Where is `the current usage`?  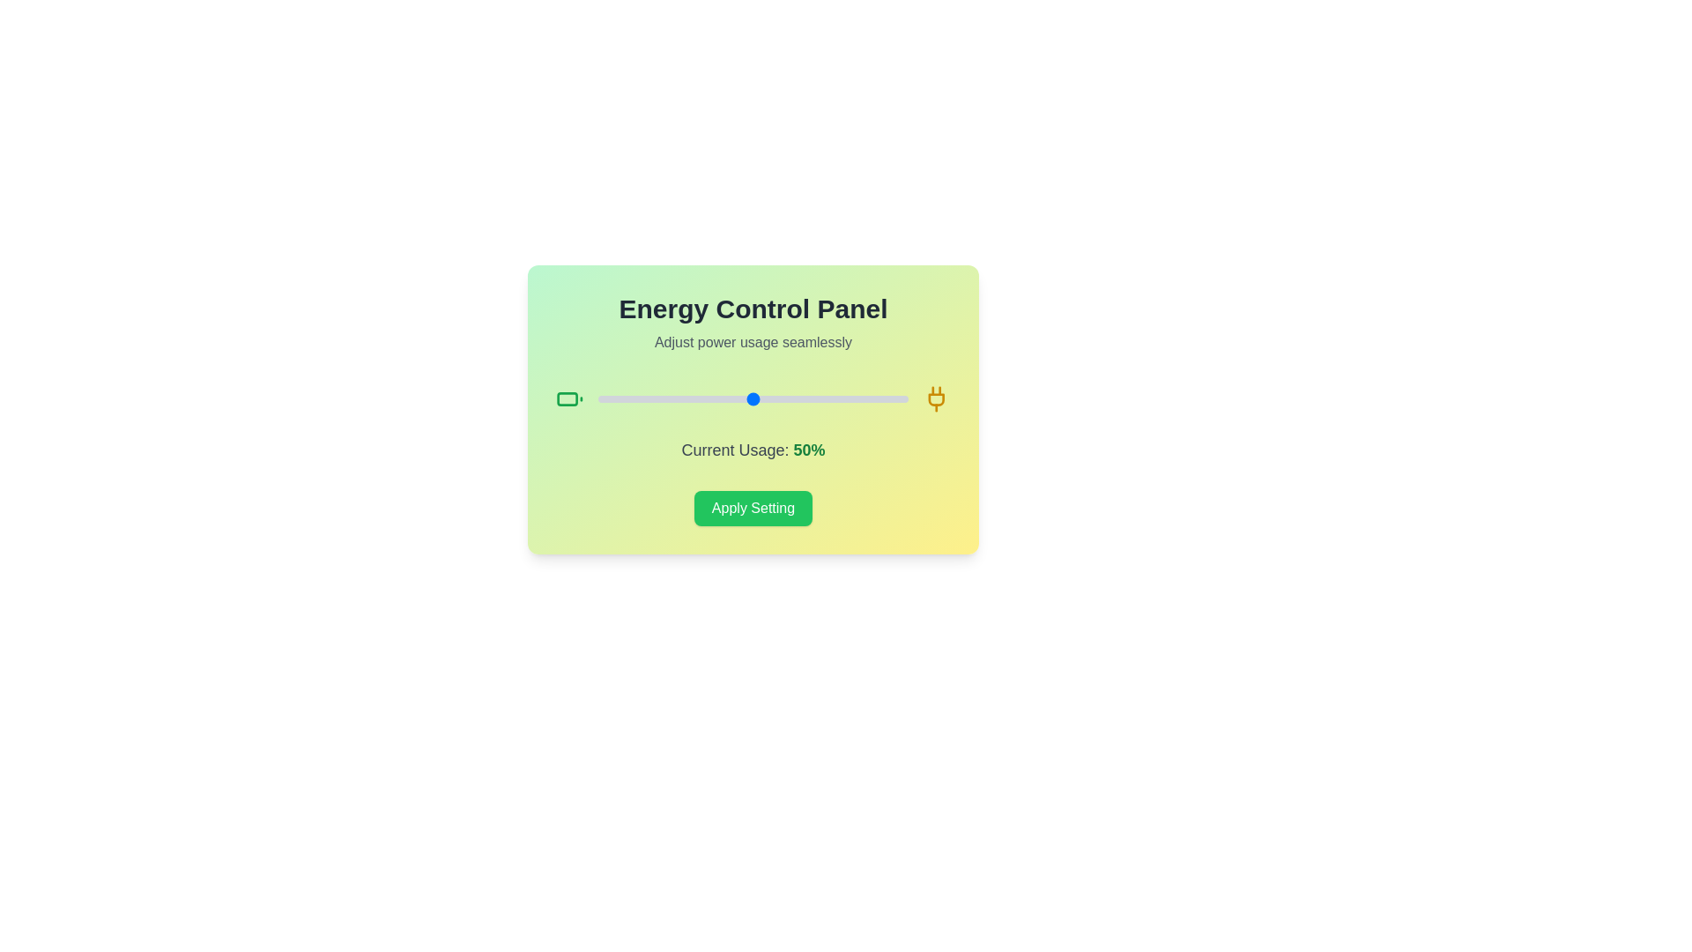
the current usage is located at coordinates (852, 398).